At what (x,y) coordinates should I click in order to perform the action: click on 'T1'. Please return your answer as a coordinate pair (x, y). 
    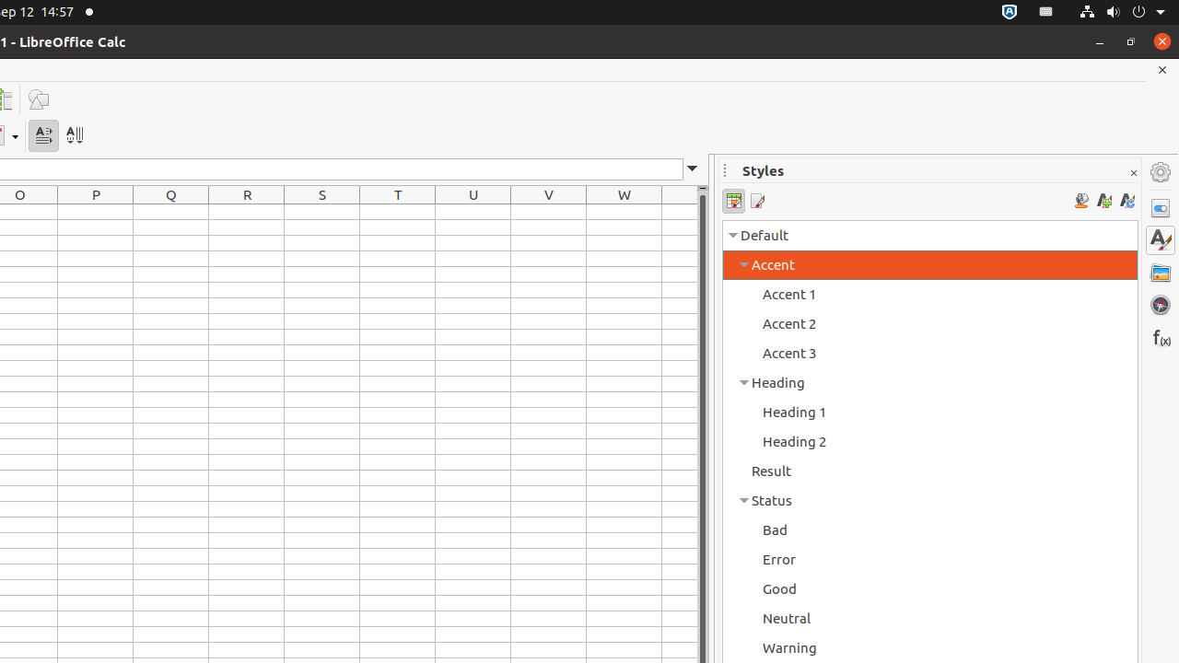
    Looking at the image, I should click on (397, 211).